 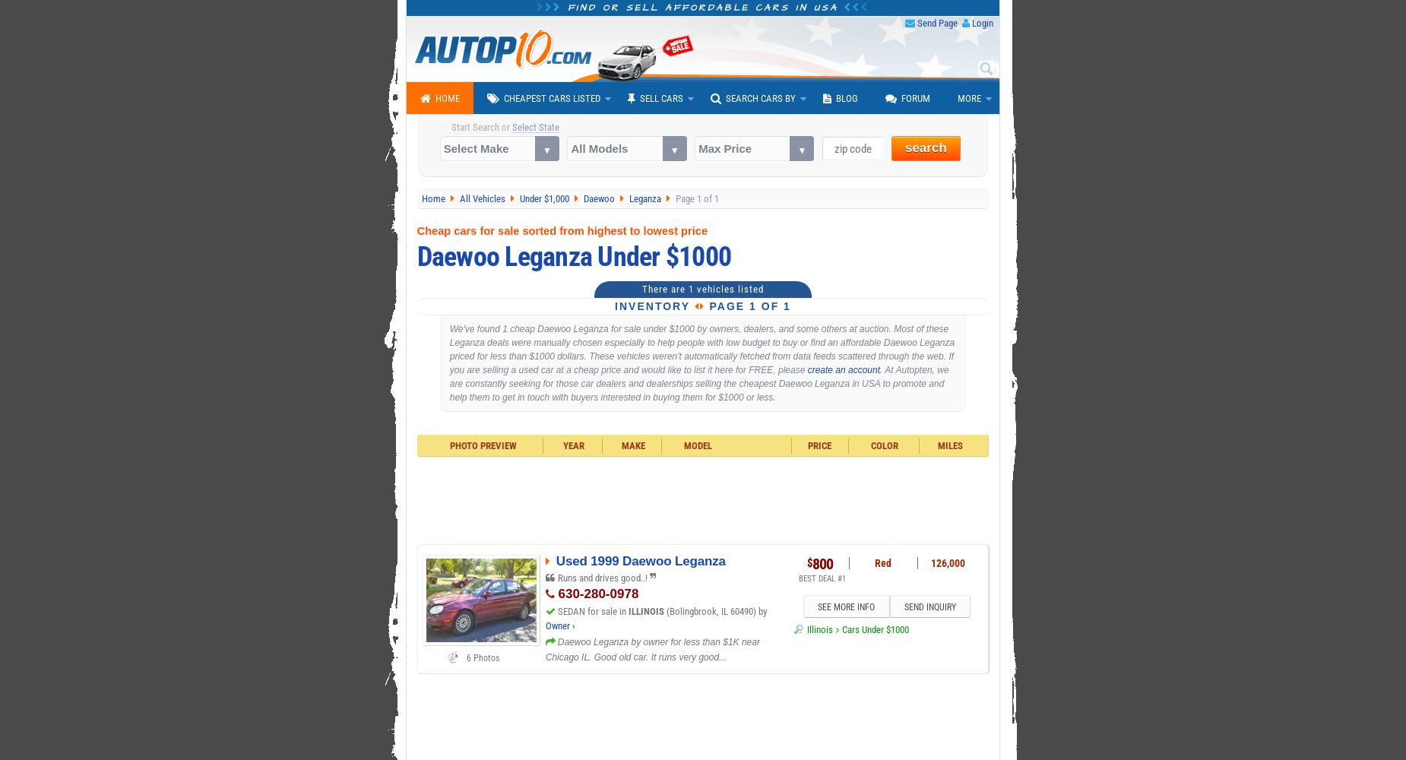 I want to click on 'Model', so click(x=698, y=445).